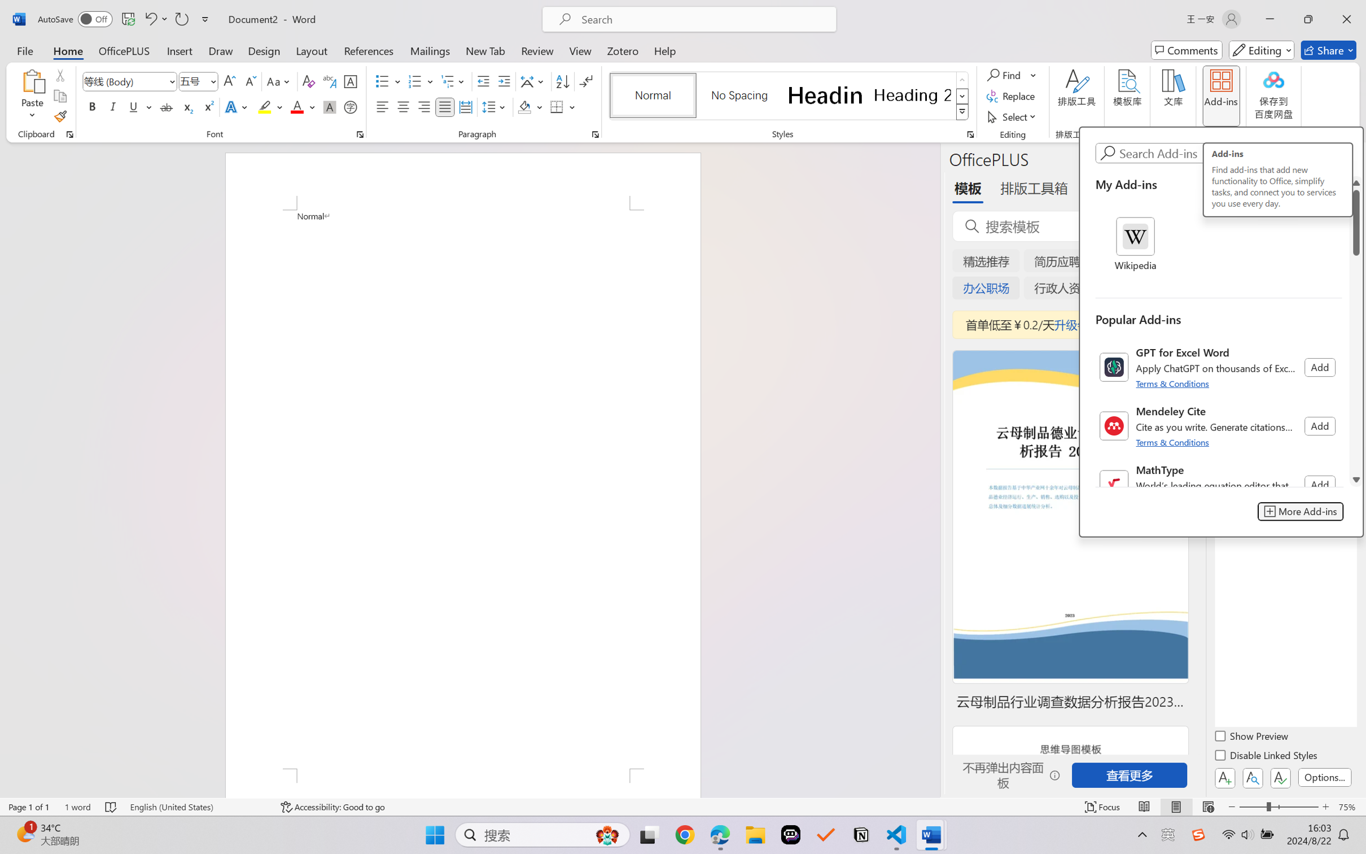 The width and height of the screenshot is (1366, 854). I want to click on 'Poe', so click(790, 835).